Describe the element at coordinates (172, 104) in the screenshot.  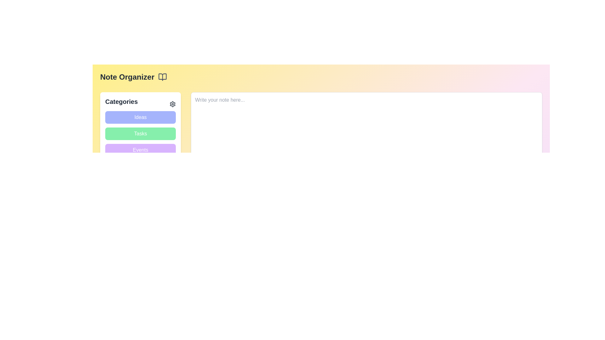
I see `the dark gray gear icon that signifies settings functionality, located adjacent to the 'Categories' label` at that location.